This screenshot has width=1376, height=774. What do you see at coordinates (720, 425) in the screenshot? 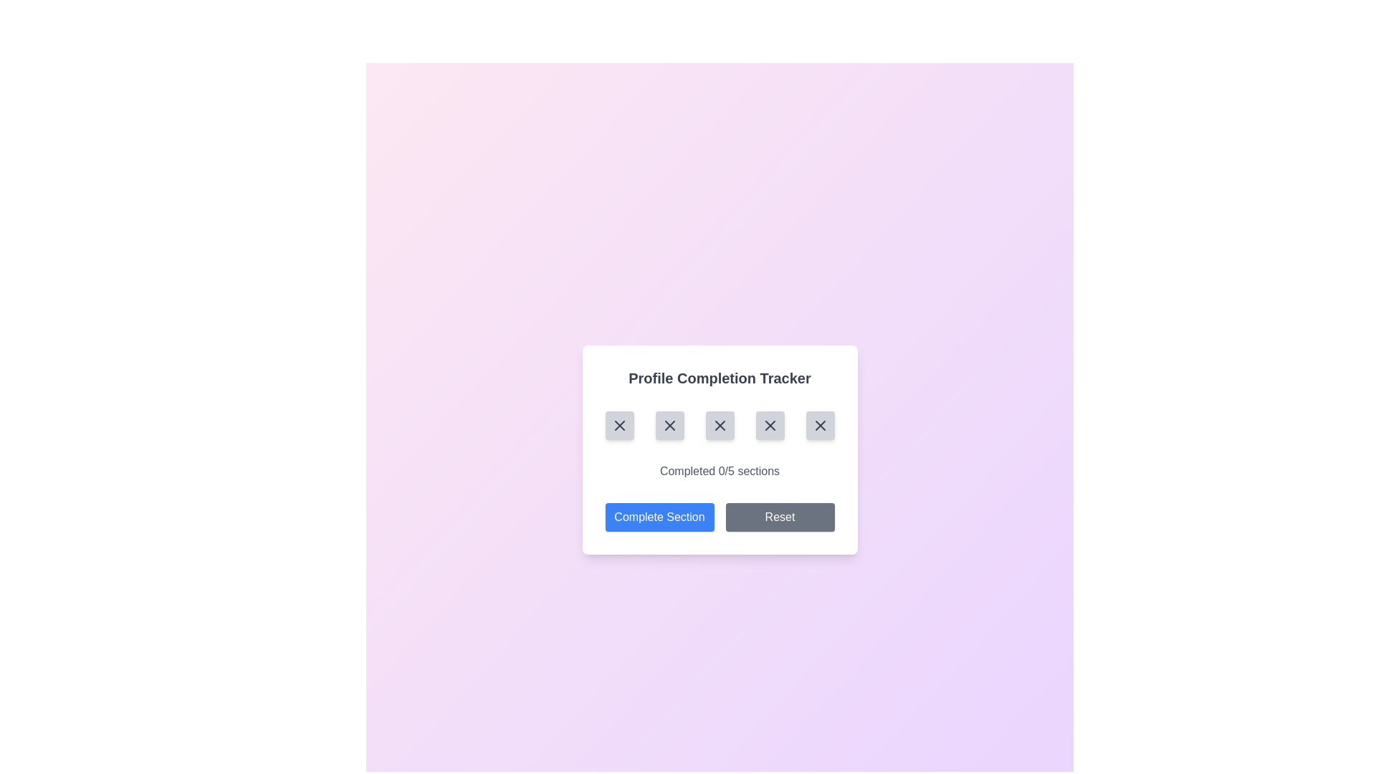
I see `the third 'X' icon in the row within the 'Profile Completion Tracker' modal` at bounding box center [720, 425].